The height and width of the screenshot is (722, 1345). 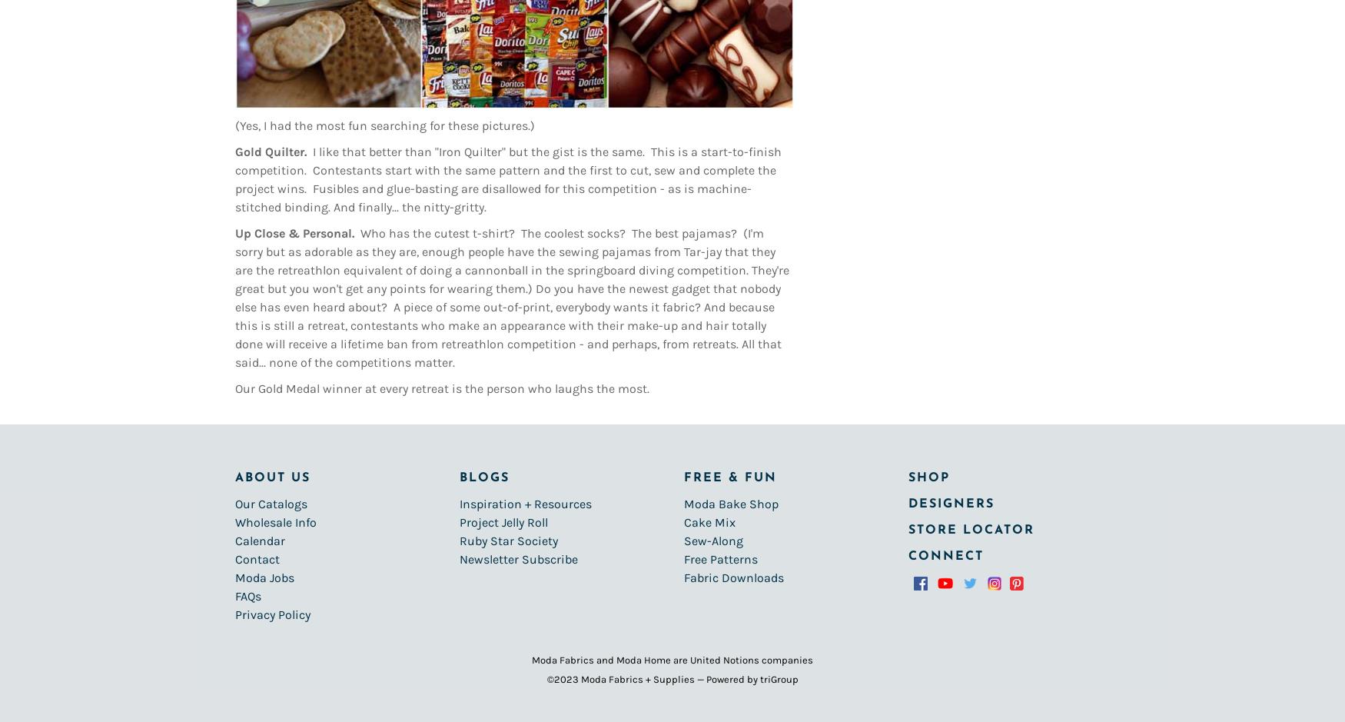 What do you see at coordinates (517, 559) in the screenshot?
I see `'Newsletter Subscribe'` at bounding box center [517, 559].